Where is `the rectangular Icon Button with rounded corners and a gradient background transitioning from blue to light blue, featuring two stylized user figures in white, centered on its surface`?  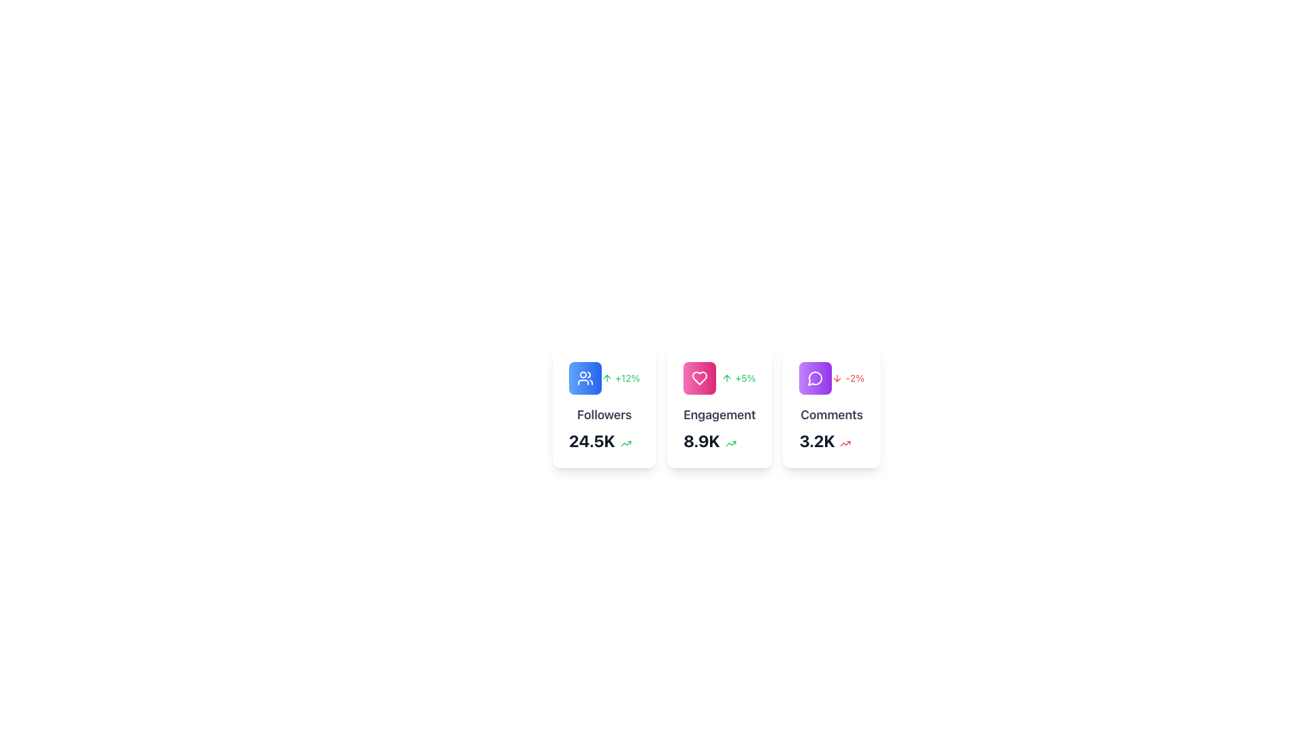 the rectangular Icon Button with rounded corners and a gradient background transitioning from blue to light blue, featuring two stylized user figures in white, centered on its surface is located at coordinates (585, 378).